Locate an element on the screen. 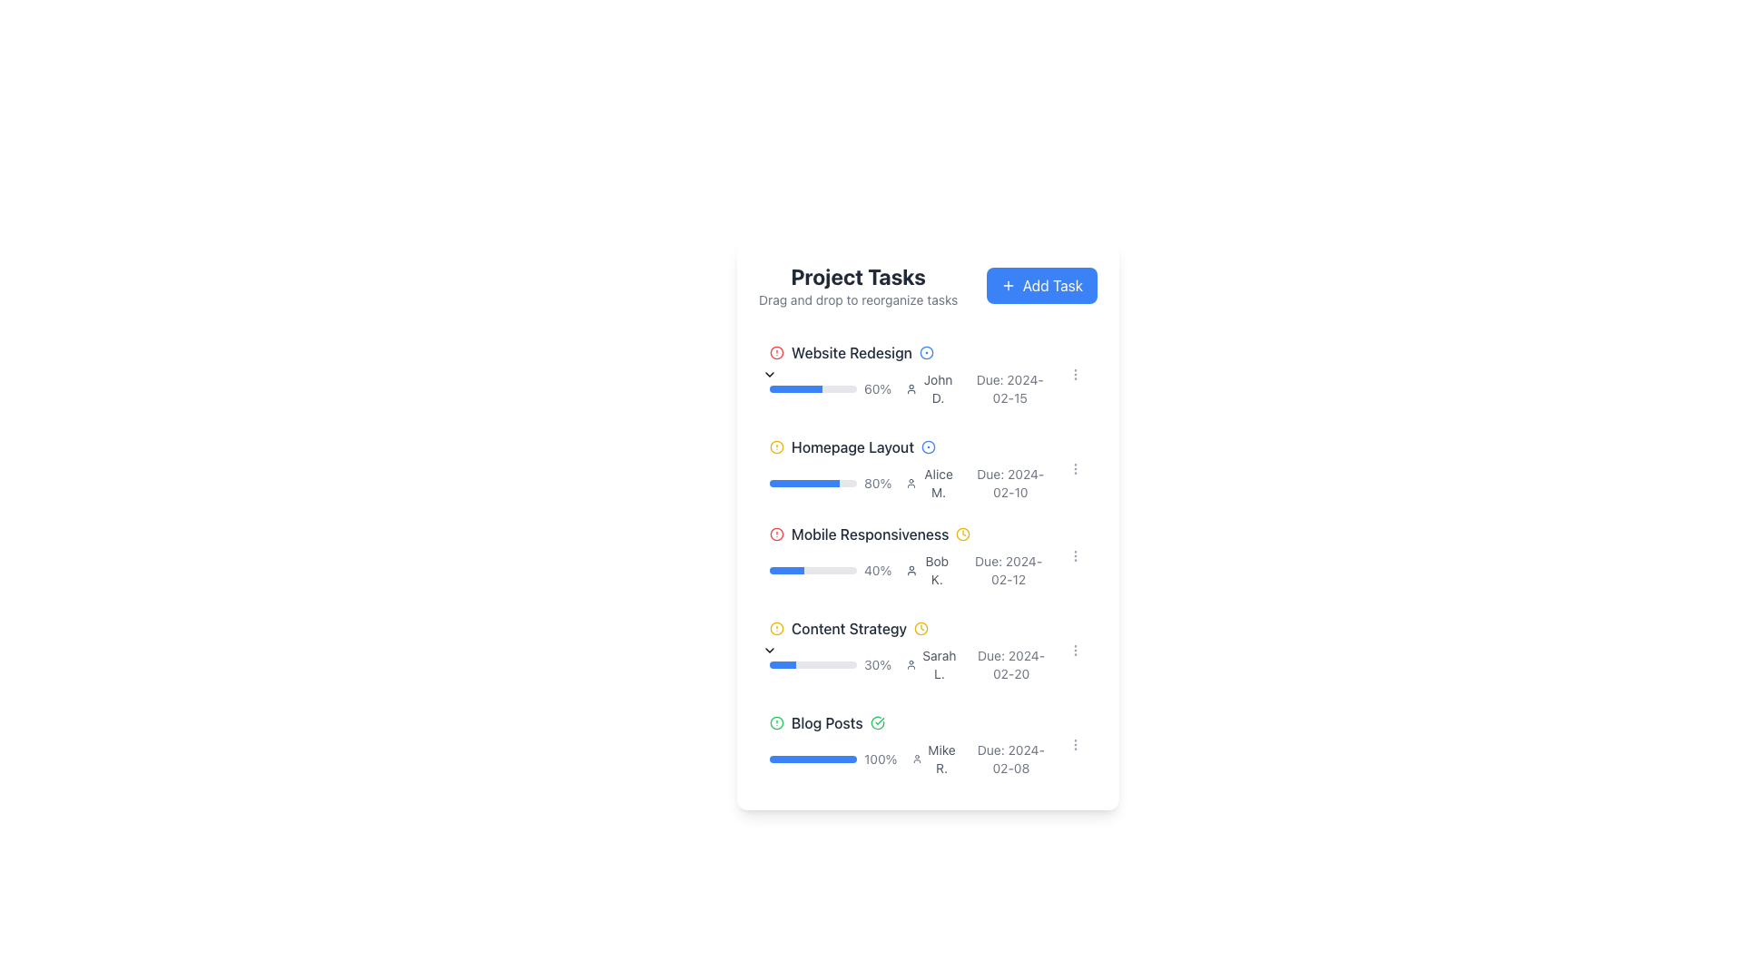 Image resolution: width=1743 pixels, height=980 pixels. the Label with icon displaying the user's name assigned to the 'Content Strategy' task, located to the right of the progress bar and before the due date text is located at coordinates (931, 664).